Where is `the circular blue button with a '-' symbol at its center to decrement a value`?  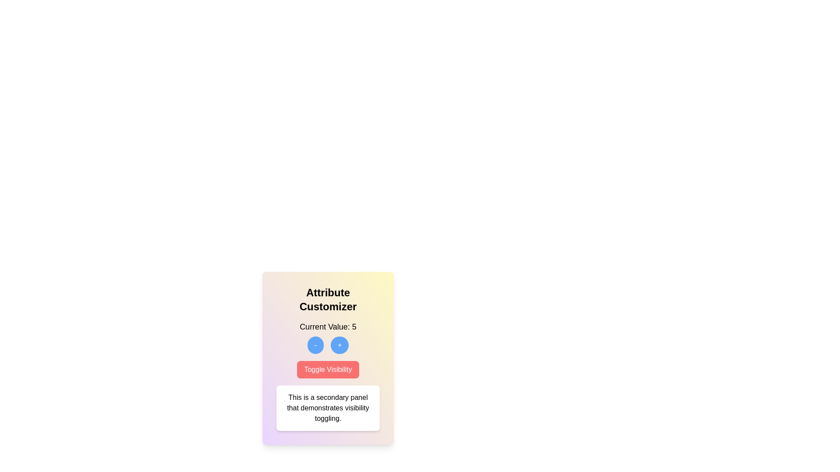 the circular blue button with a '-' symbol at its center to decrement a value is located at coordinates (315, 345).